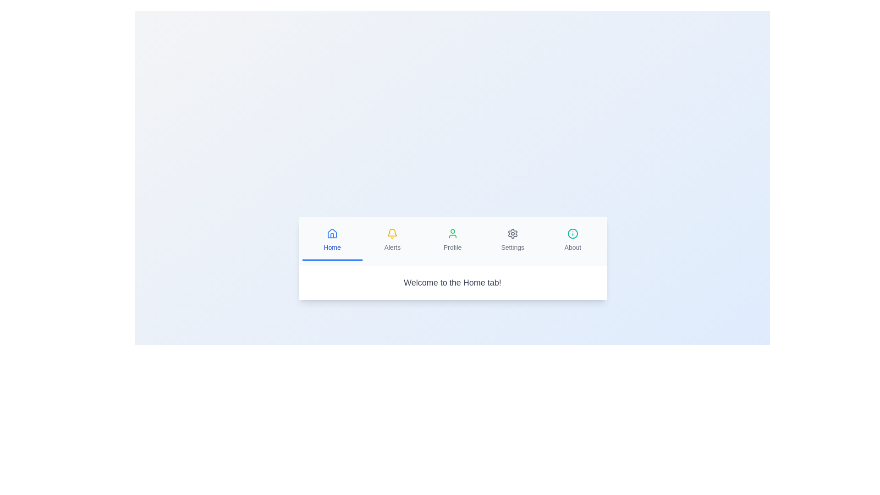 The width and height of the screenshot is (880, 495). Describe the element at coordinates (331, 240) in the screenshot. I see `the tab button labeled Home` at that location.